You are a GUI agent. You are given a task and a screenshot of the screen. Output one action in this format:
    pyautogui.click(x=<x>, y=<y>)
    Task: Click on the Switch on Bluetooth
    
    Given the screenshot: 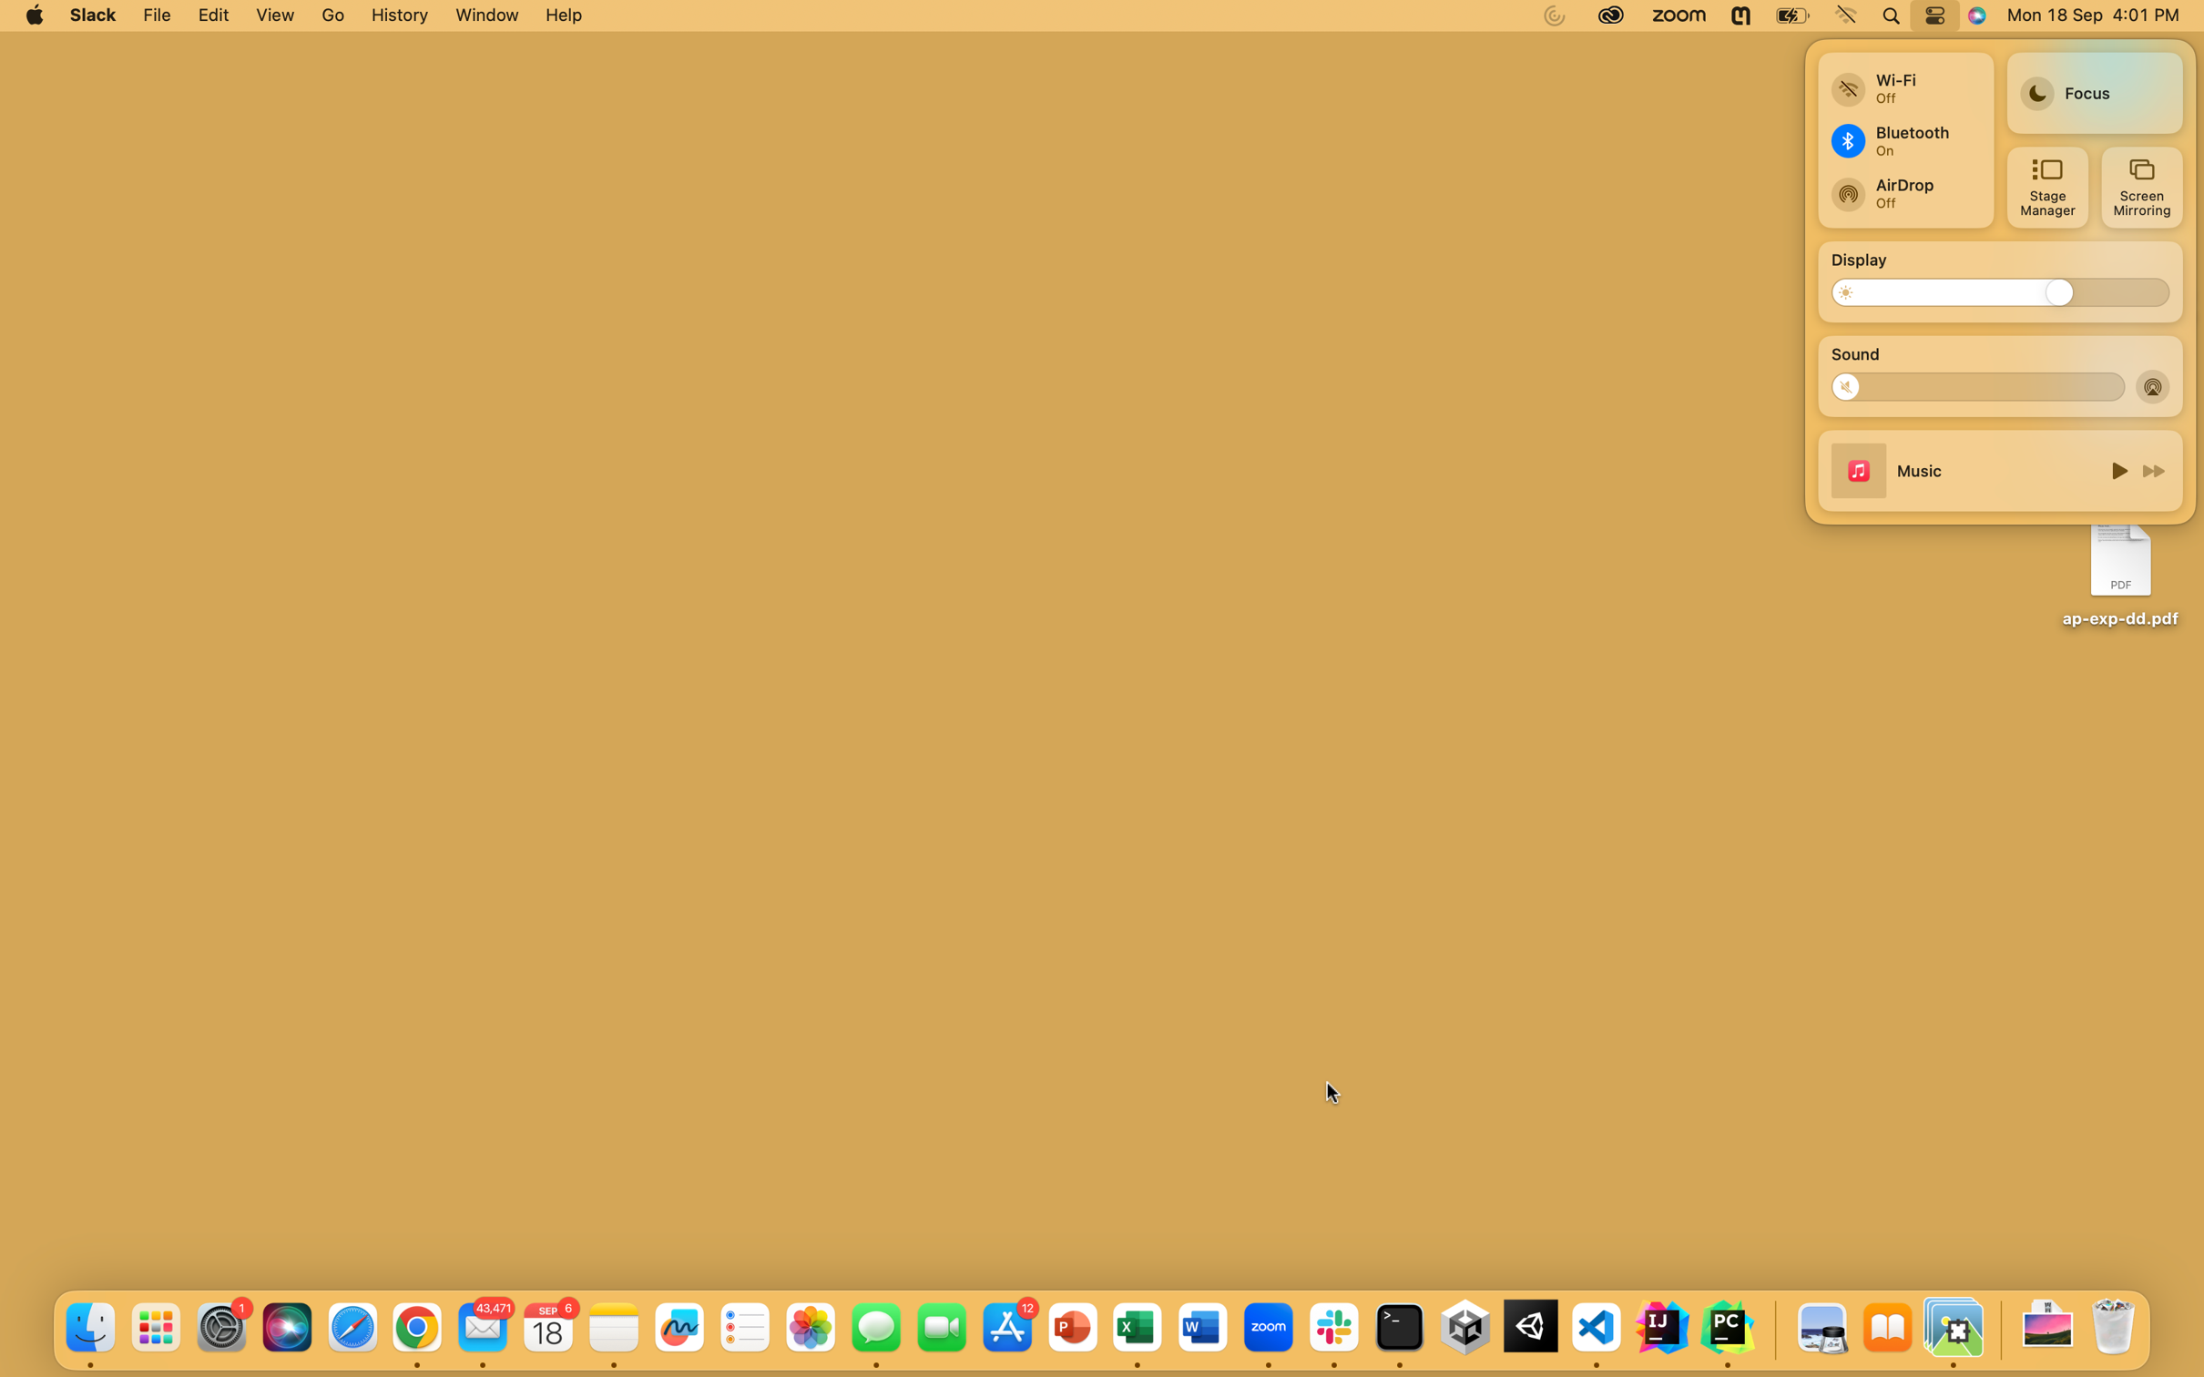 What is the action you would take?
    pyautogui.click(x=1903, y=139)
    